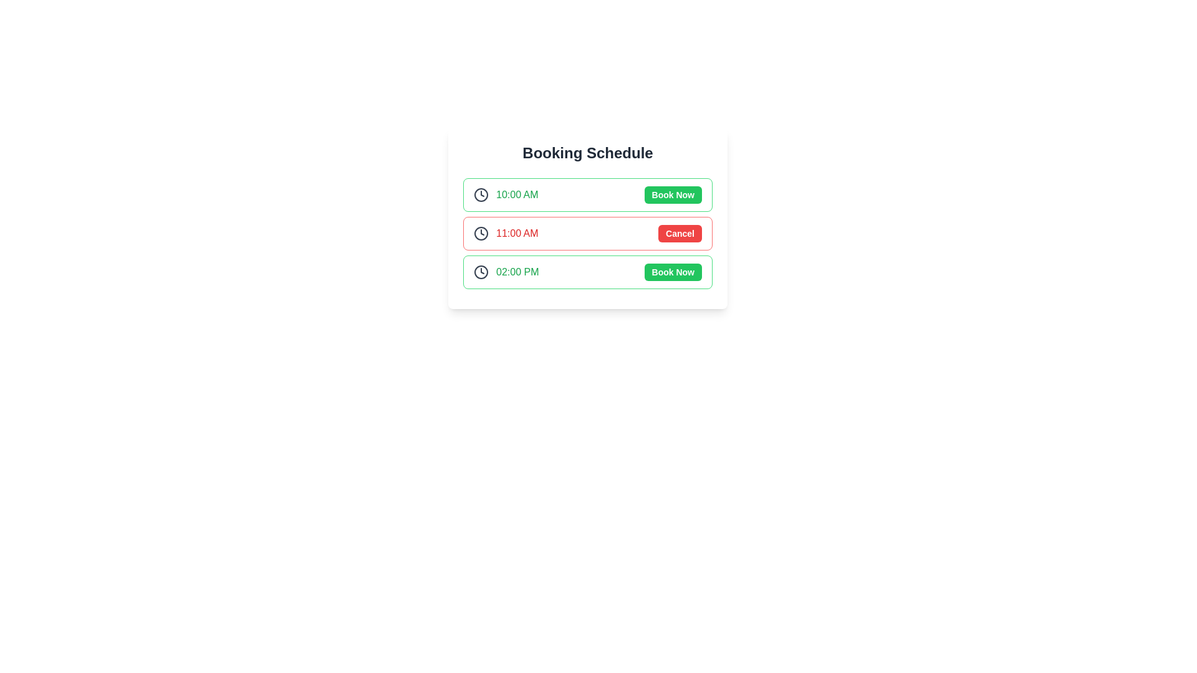  What do you see at coordinates (680, 233) in the screenshot?
I see `the cancel button located to the right of the 11:00 AM booking slot` at bounding box center [680, 233].